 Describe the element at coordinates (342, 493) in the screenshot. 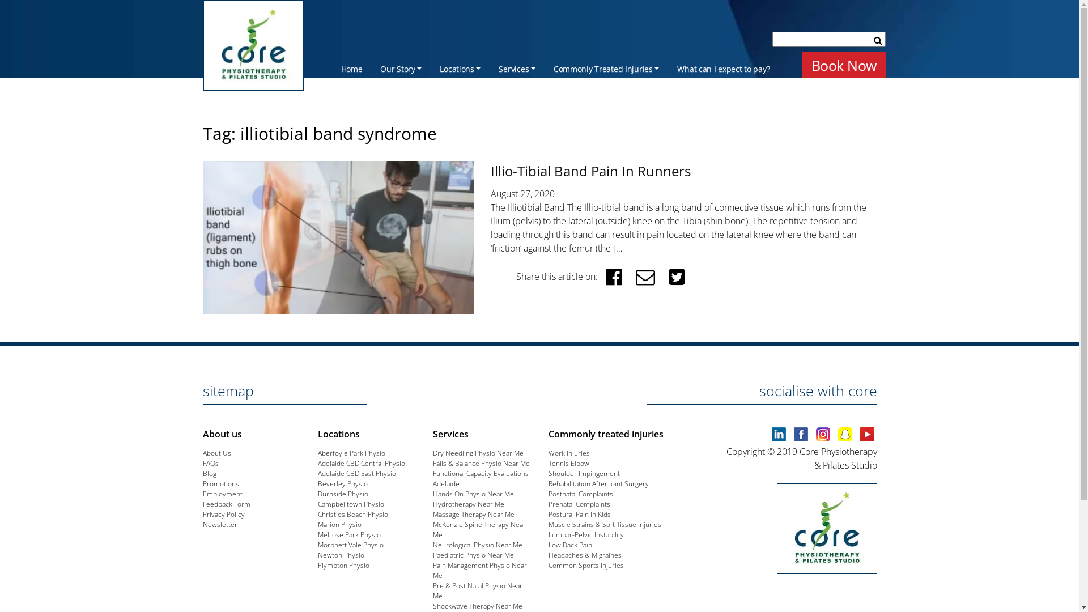

I see `'Burnside Physio'` at that location.